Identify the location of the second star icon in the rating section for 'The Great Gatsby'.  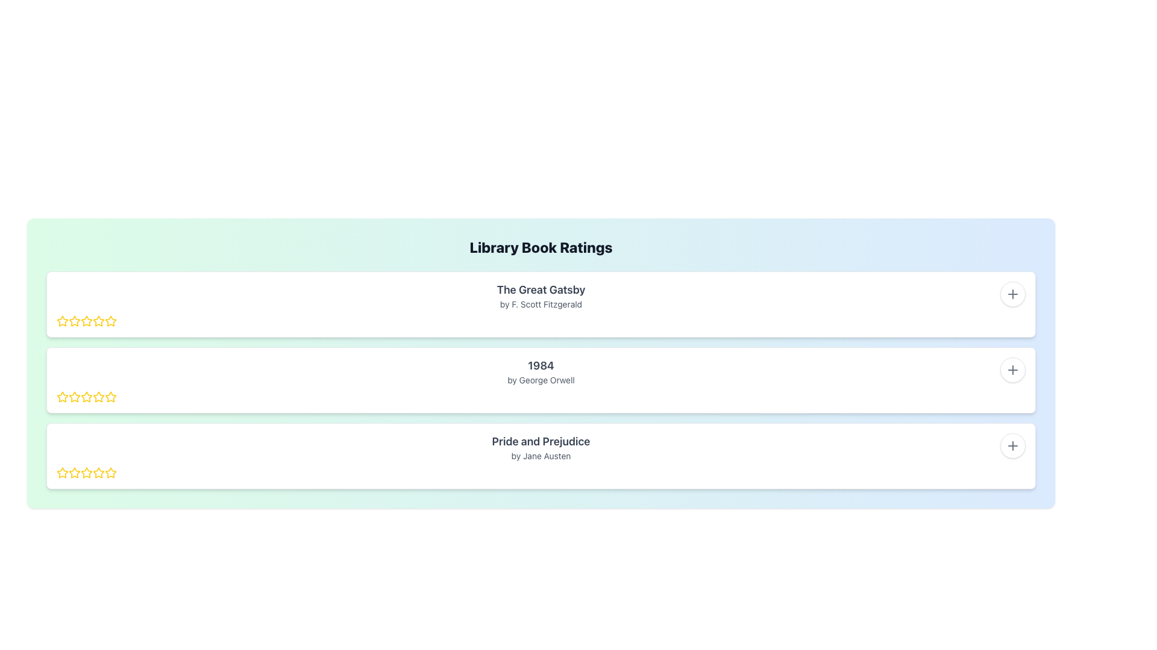
(86, 320).